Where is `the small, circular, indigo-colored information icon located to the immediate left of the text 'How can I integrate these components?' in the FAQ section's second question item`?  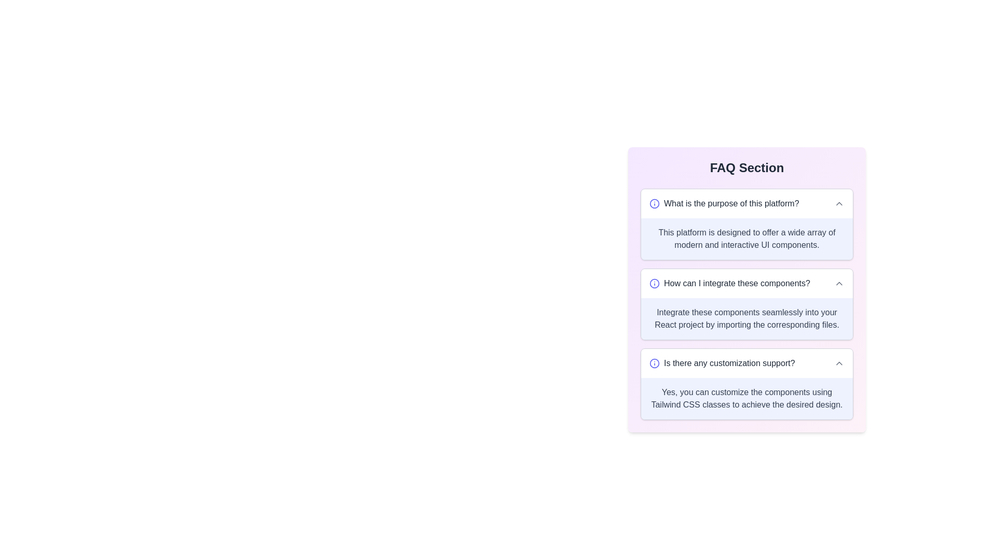 the small, circular, indigo-colored information icon located to the immediate left of the text 'How can I integrate these components?' in the FAQ section's second question item is located at coordinates (654, 284).